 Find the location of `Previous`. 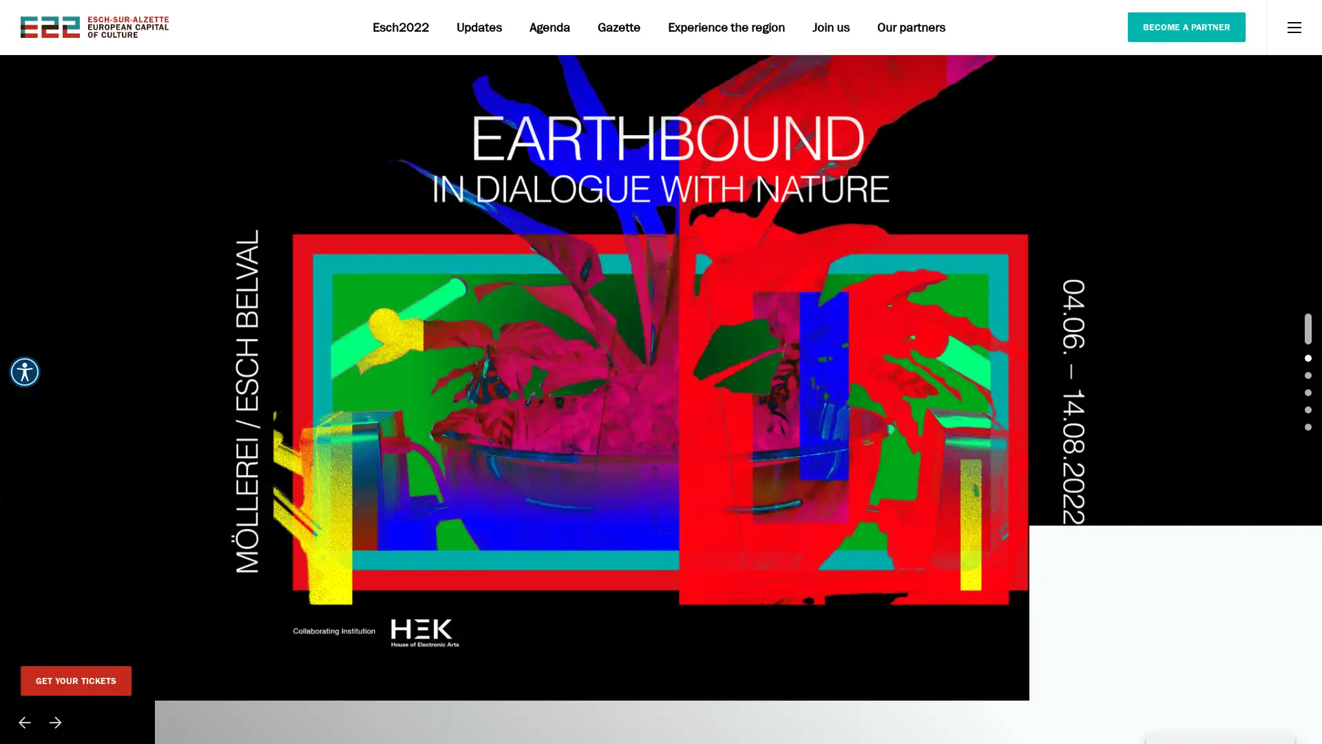

Previous is located at coordinates (24, 722).